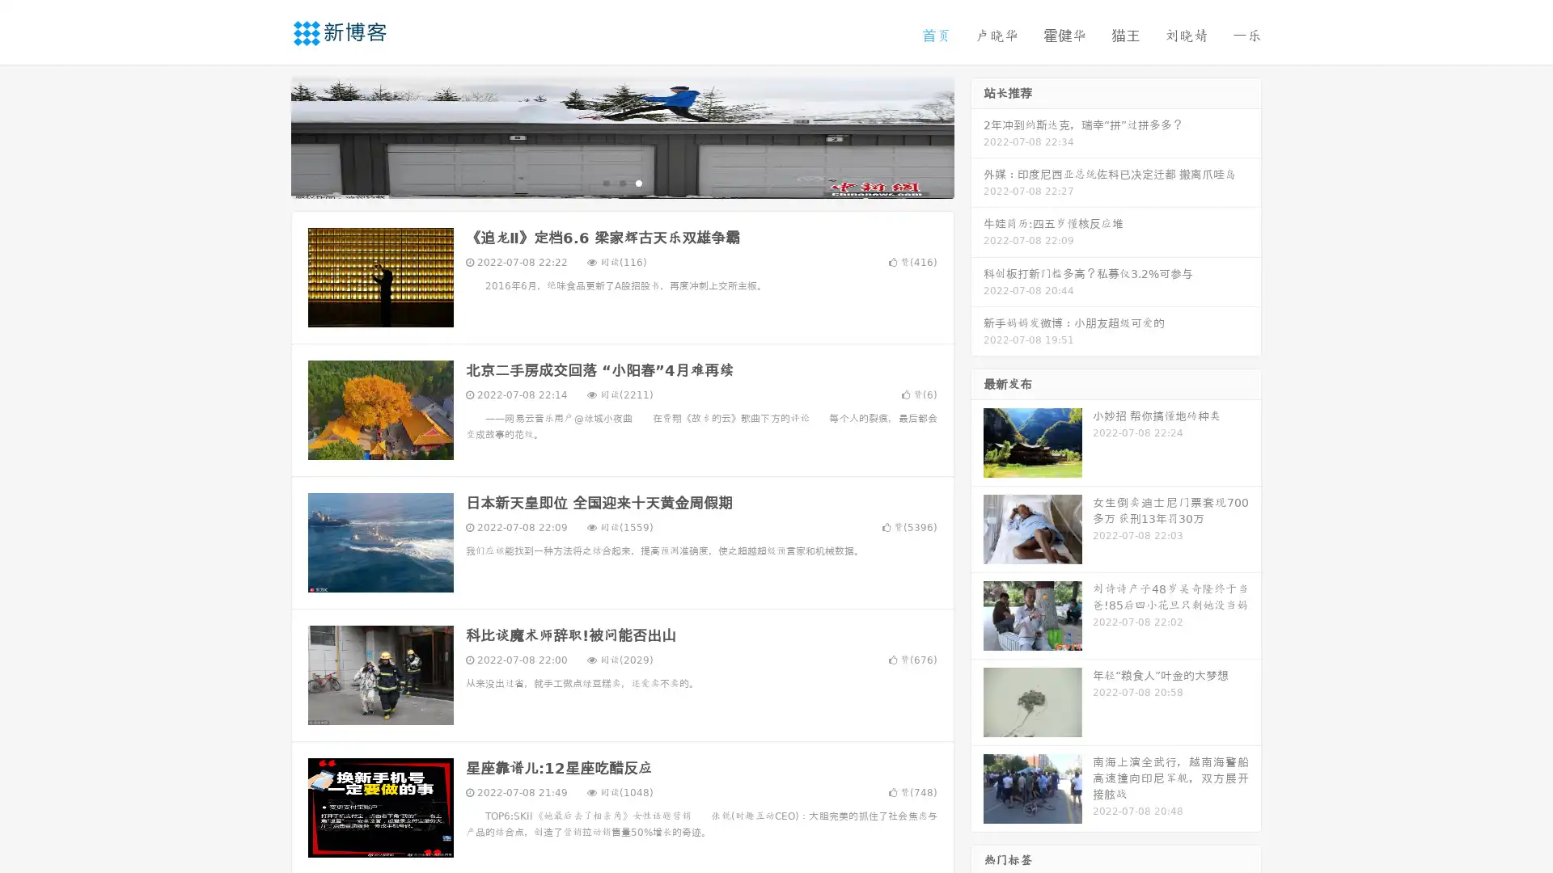  What do you see at coordinates (621, 182) in the screenshot?
I see `Go to slide 2` at bounding box center [621, 182].